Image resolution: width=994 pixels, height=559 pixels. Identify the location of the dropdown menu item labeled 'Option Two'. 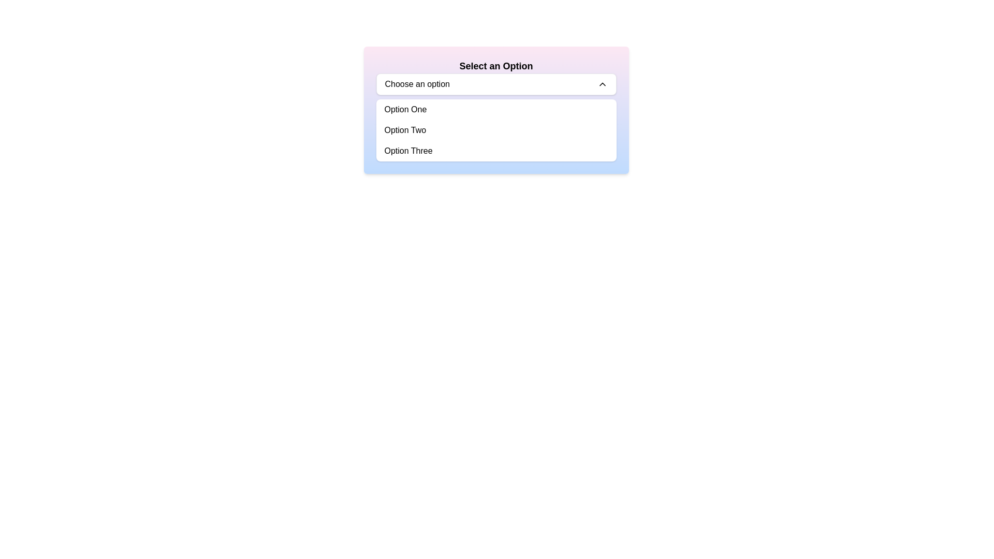
(495, 129).